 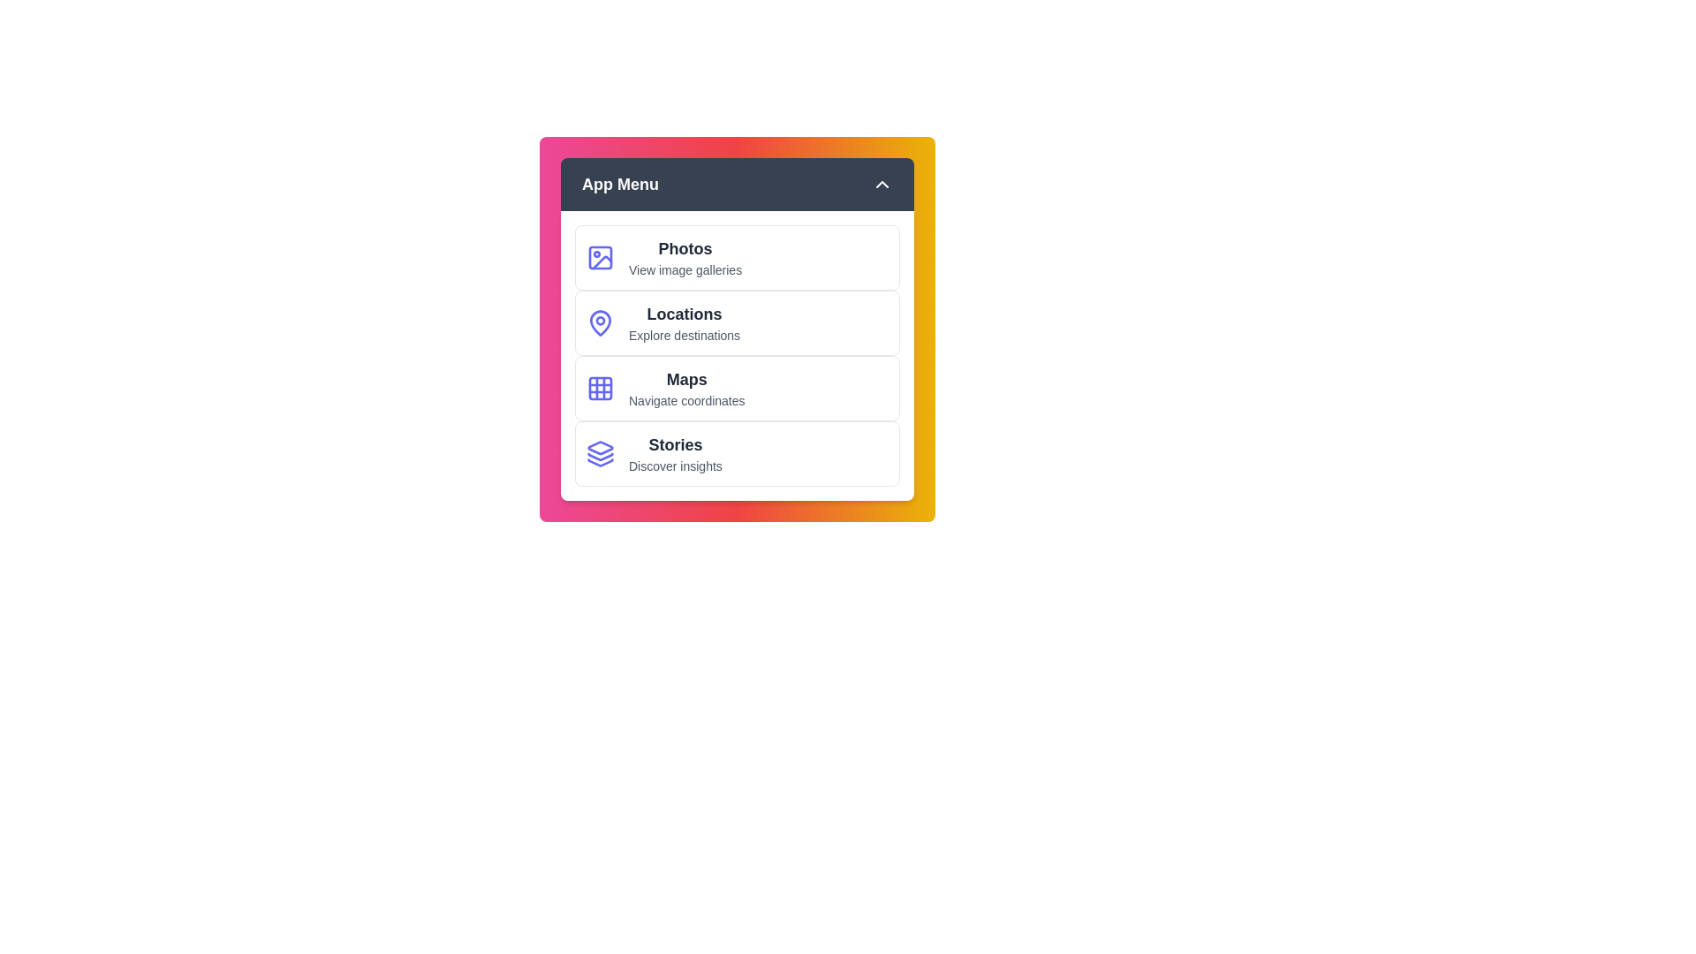 I want to click on the icon associated with the menu item 'Locations', so click(x=601, y=323).